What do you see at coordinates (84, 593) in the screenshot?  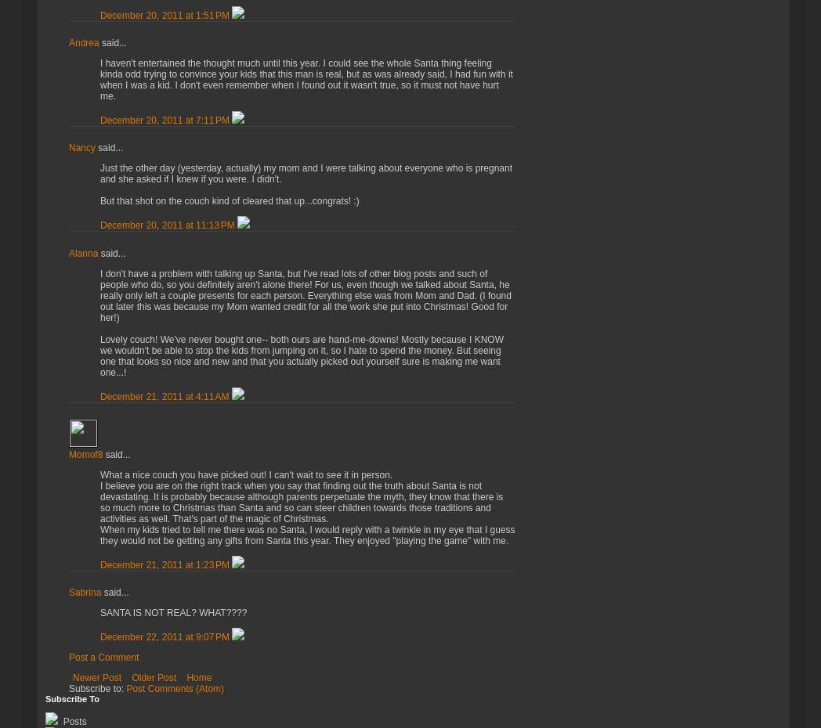 I see `'Sabrina'` at bounding box center [84, 593].